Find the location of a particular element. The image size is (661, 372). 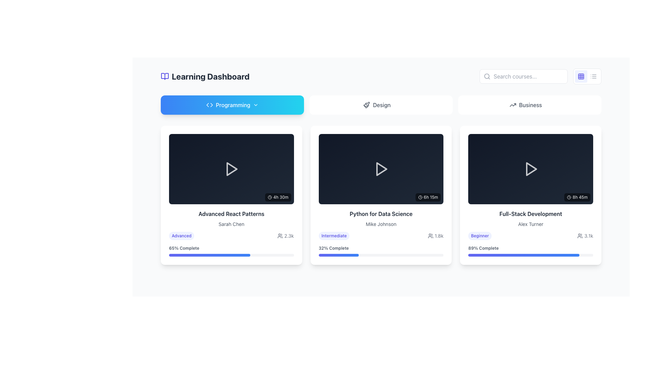

the learning dashboard icon located to the left of the 'Learning Dashboard' text in the header section is located at coordinates (165, 76).